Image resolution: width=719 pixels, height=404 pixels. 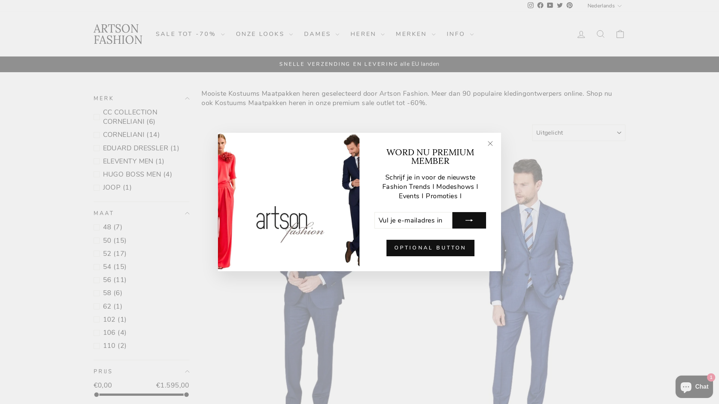 What do you see at coordinates (550, 6) in the screenshot?
I see `'YouTube'` at bounding box center [550, 6].